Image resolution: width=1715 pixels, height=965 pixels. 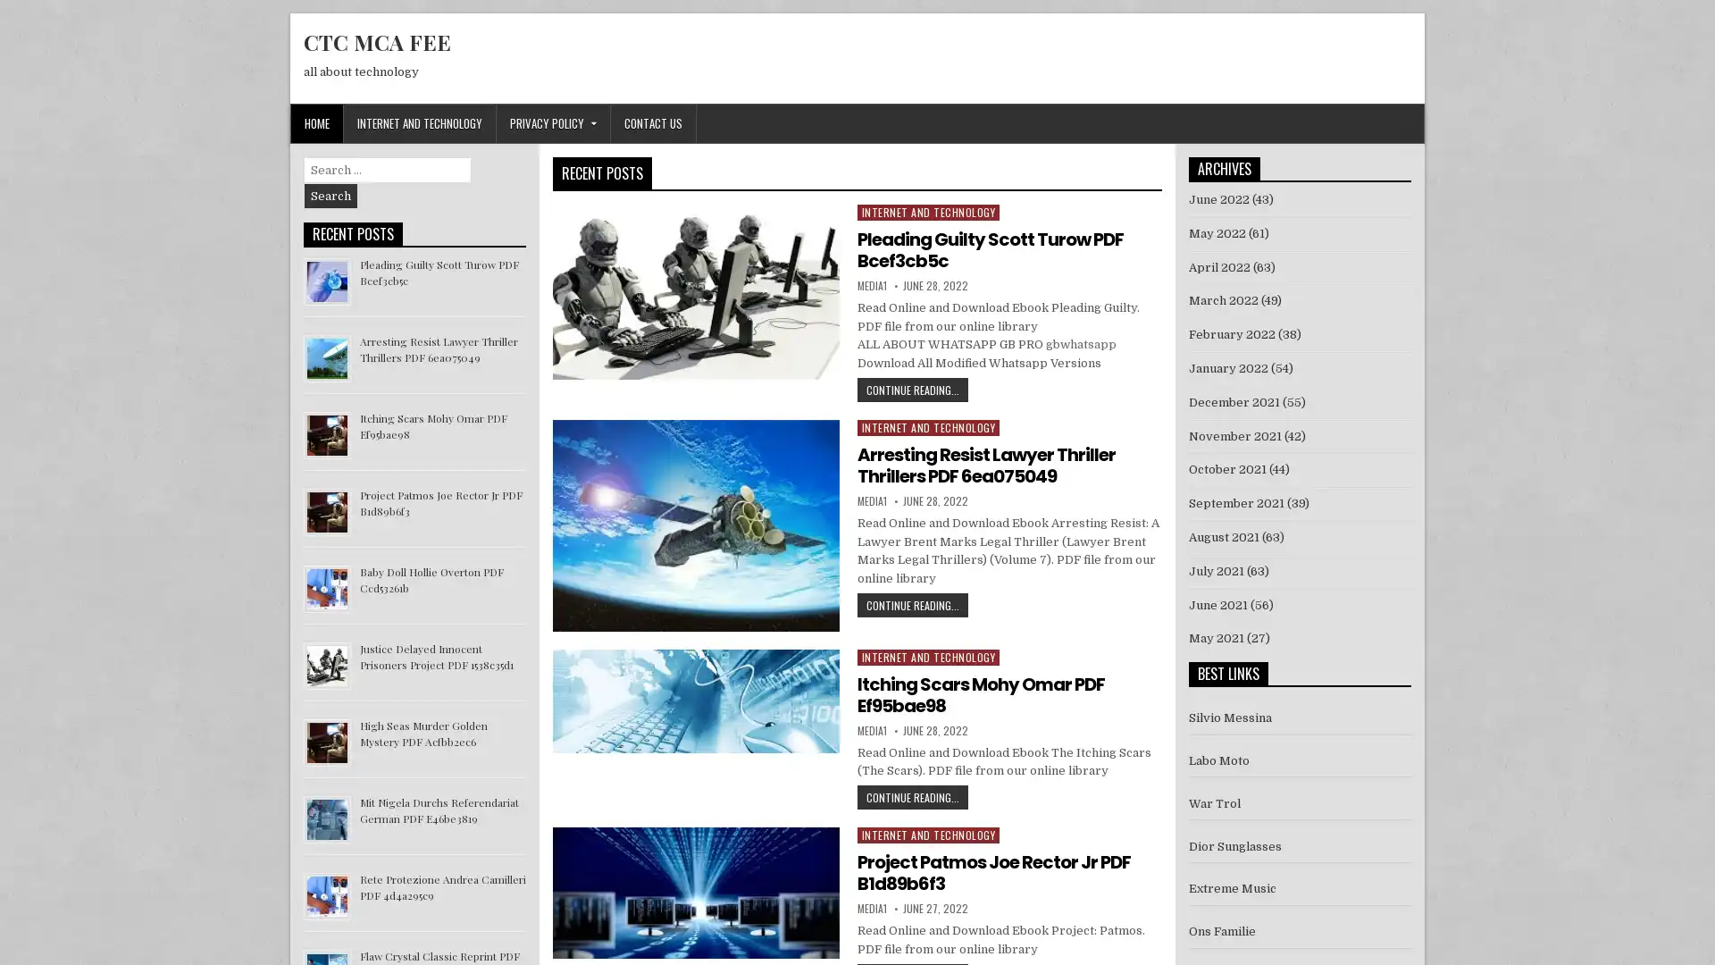 I want to click on Search, so click(x=330, y=196).